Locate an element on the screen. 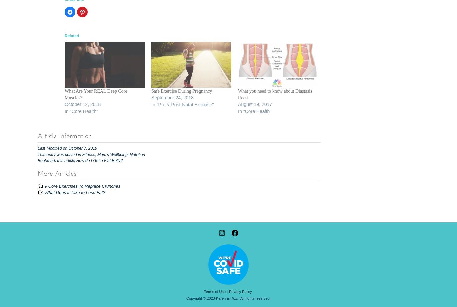 Image resolution: width=457 pixels, height=307 pixels. 'What Does it Take to Lose Fat?' is located at coordinates (43, 192).